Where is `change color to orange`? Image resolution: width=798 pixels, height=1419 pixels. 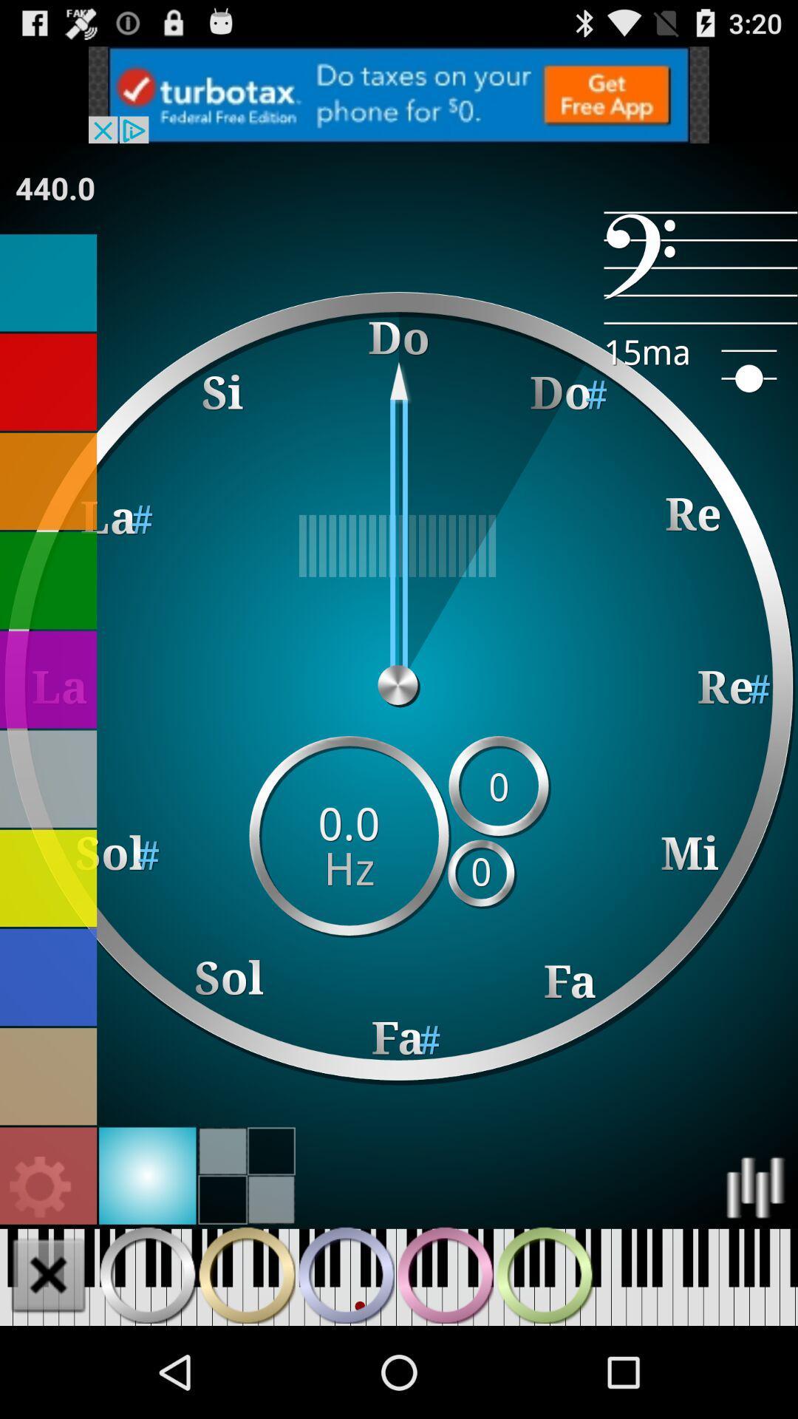
change color to orange is located at coordinates (47, 481).